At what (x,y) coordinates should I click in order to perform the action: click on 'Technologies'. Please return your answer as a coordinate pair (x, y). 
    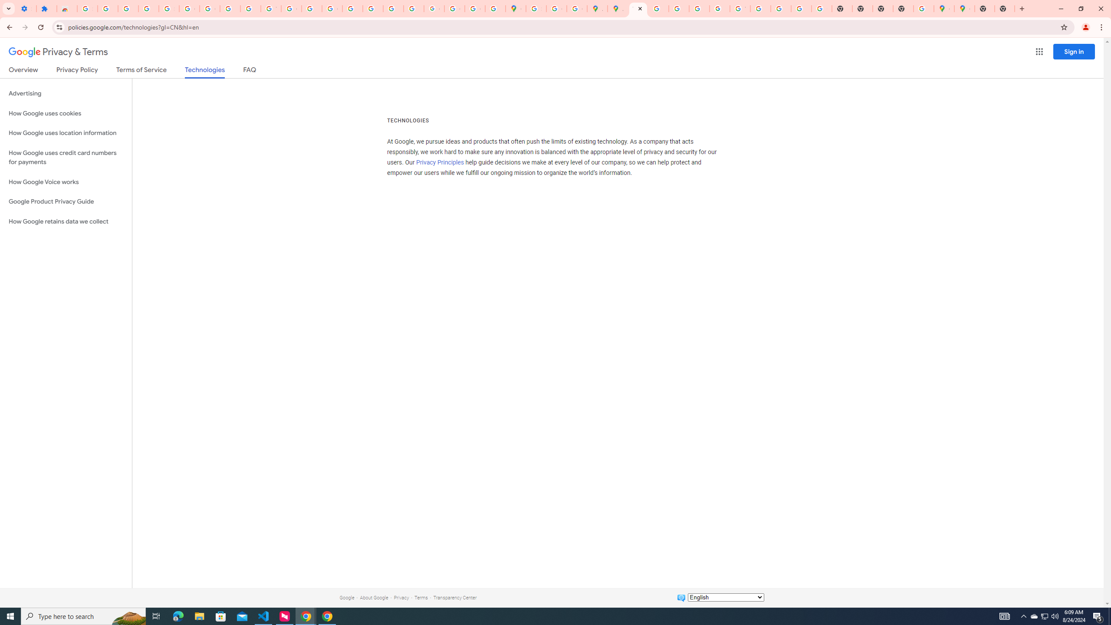
    Looking at the image, I should click on (205, 72).